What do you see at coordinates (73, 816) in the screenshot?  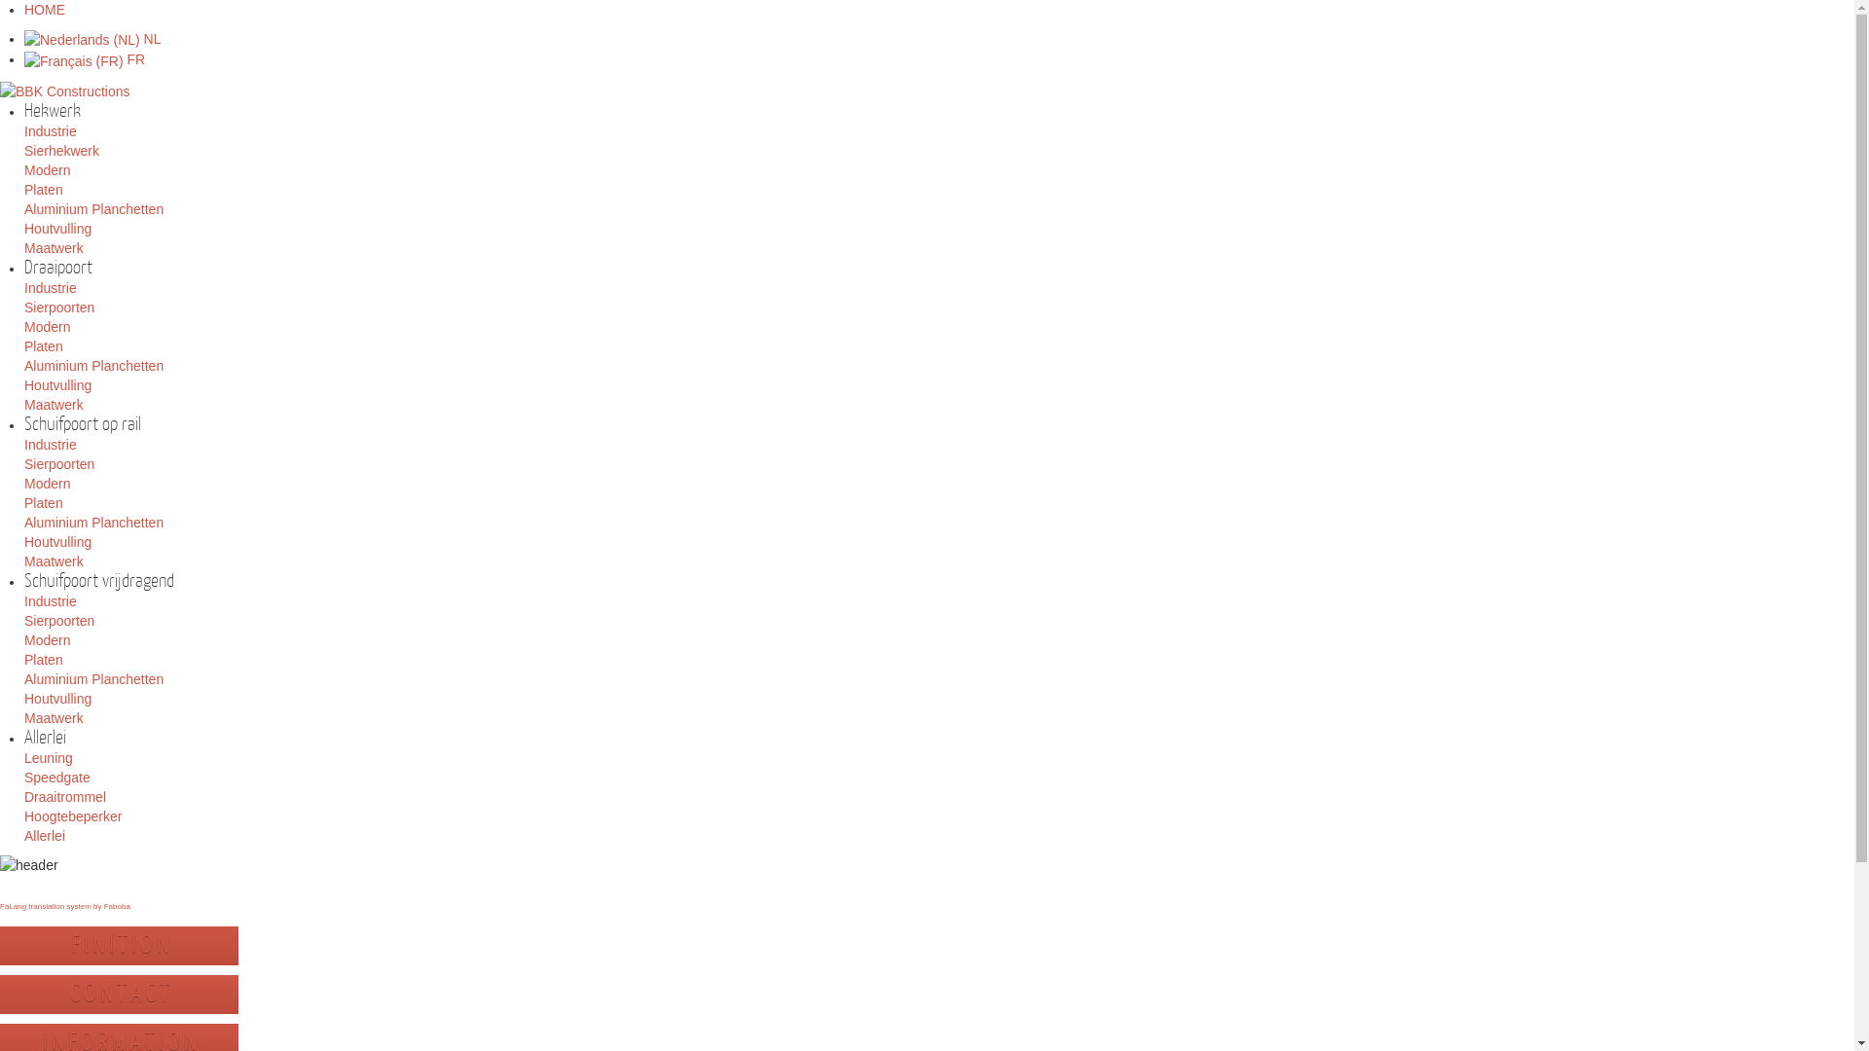 I see `'Hoogtebeperker'` at bounding box center [73, 816].